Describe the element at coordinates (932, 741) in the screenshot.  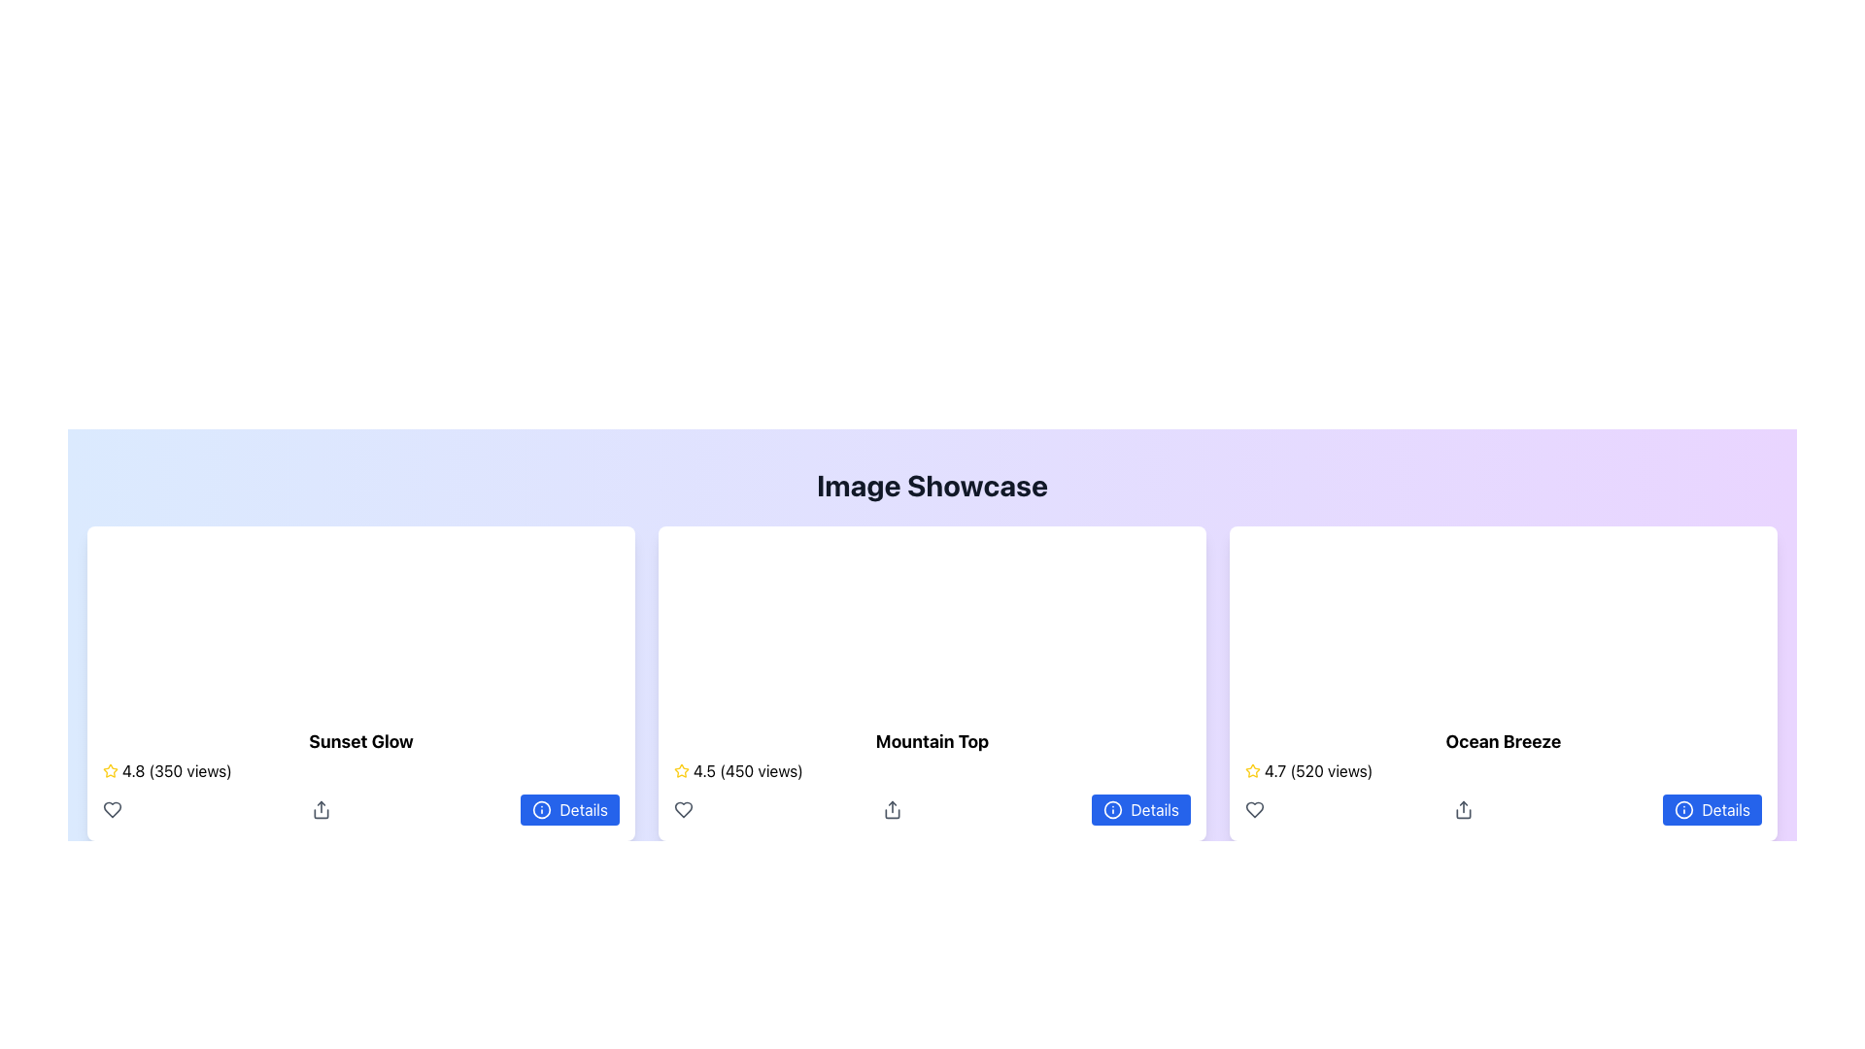
I see `contents of the bold text label displaying the name 'Mountain Top', which is located in the central card of a horizontally aligned grid, above the rating and views section` at that location.